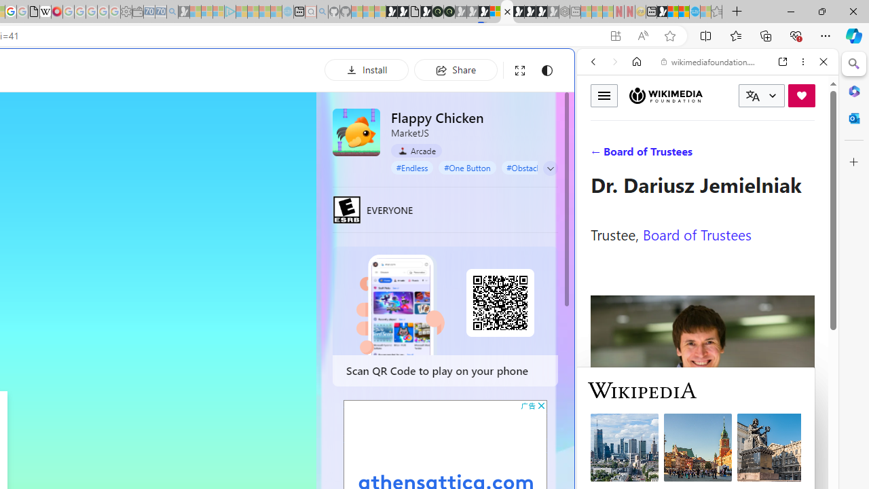 The image size is (869, 489). I want to click on 'github - Search - Sleeping', so click(321, 12).